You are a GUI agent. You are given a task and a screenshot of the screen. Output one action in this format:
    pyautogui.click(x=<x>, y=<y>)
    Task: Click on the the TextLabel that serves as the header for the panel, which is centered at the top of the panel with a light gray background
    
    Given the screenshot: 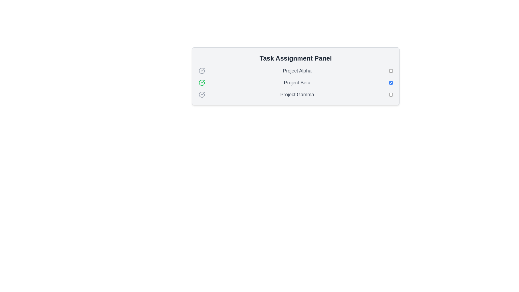 What is the action you would take?
    pyautogui.click(x=295, y=58)
    